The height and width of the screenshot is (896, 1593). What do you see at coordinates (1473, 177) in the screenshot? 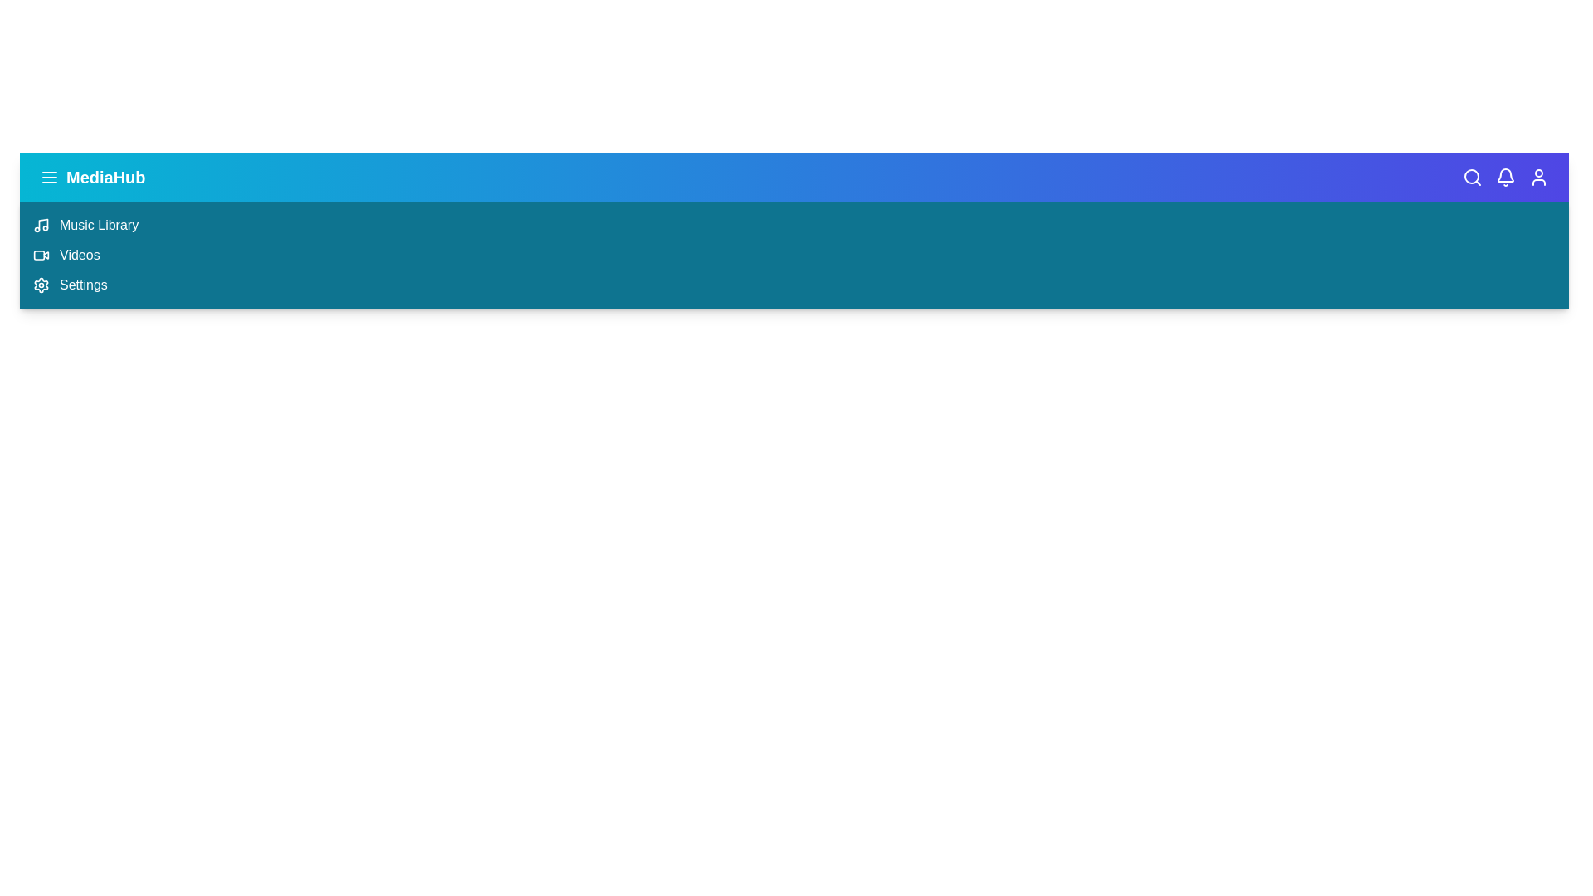
I see `the search icon in the app bar` at bounding box center [1473, 177].